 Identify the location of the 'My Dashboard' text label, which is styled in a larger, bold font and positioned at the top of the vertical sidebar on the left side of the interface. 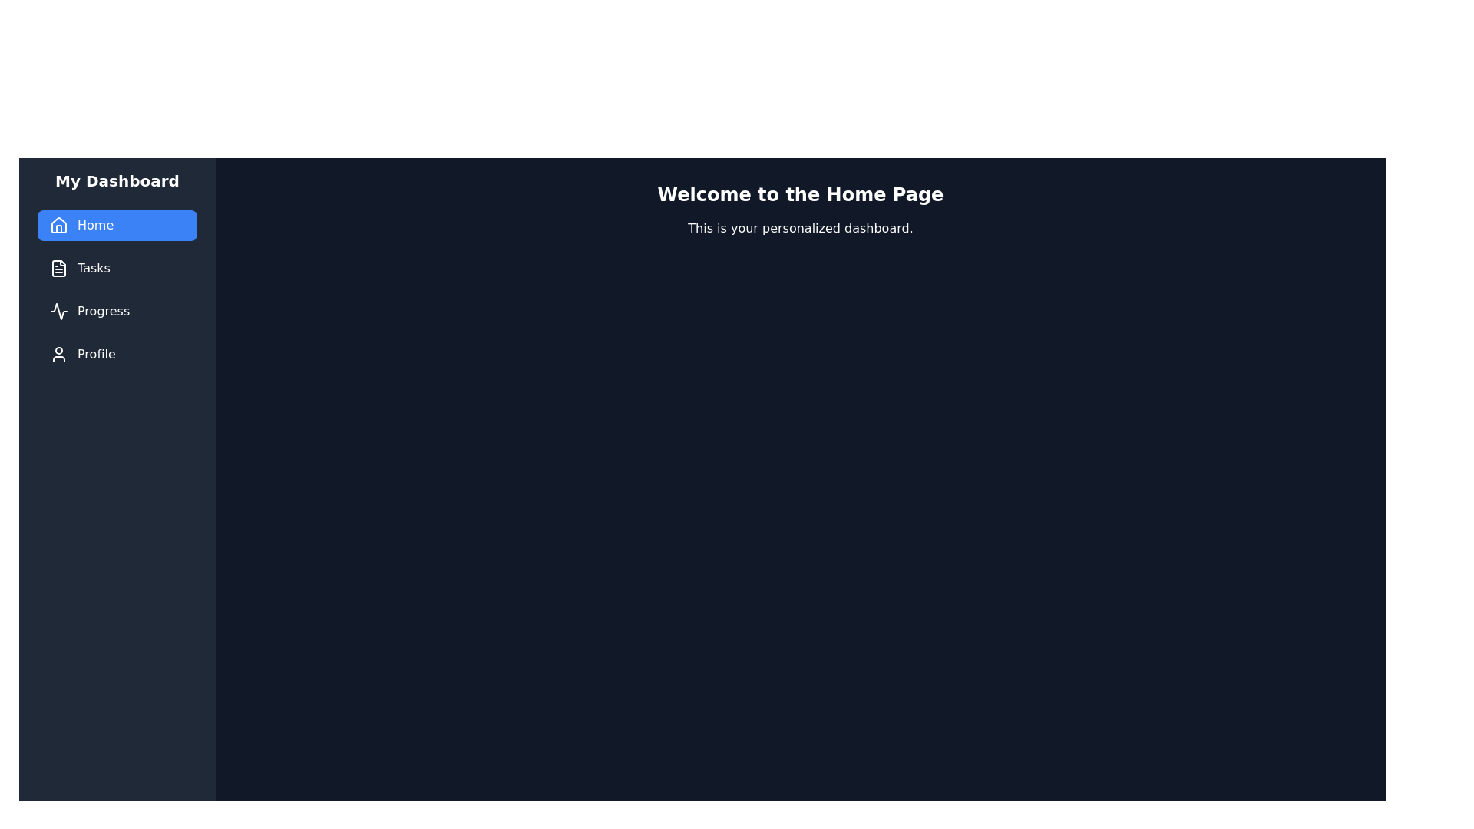
(117, 180).